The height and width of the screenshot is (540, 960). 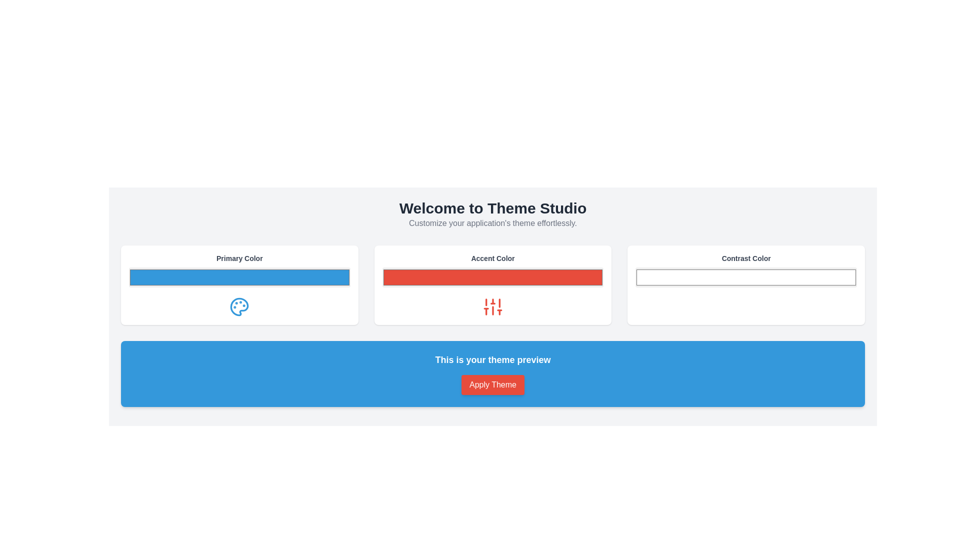 What do you see at coordinates (492, 277) in the screenshot?
I see `the Color Picker Button, which is bright red and located under the 'Accent Color' label in the middle section of the interface` at bounding box center [492, 277].